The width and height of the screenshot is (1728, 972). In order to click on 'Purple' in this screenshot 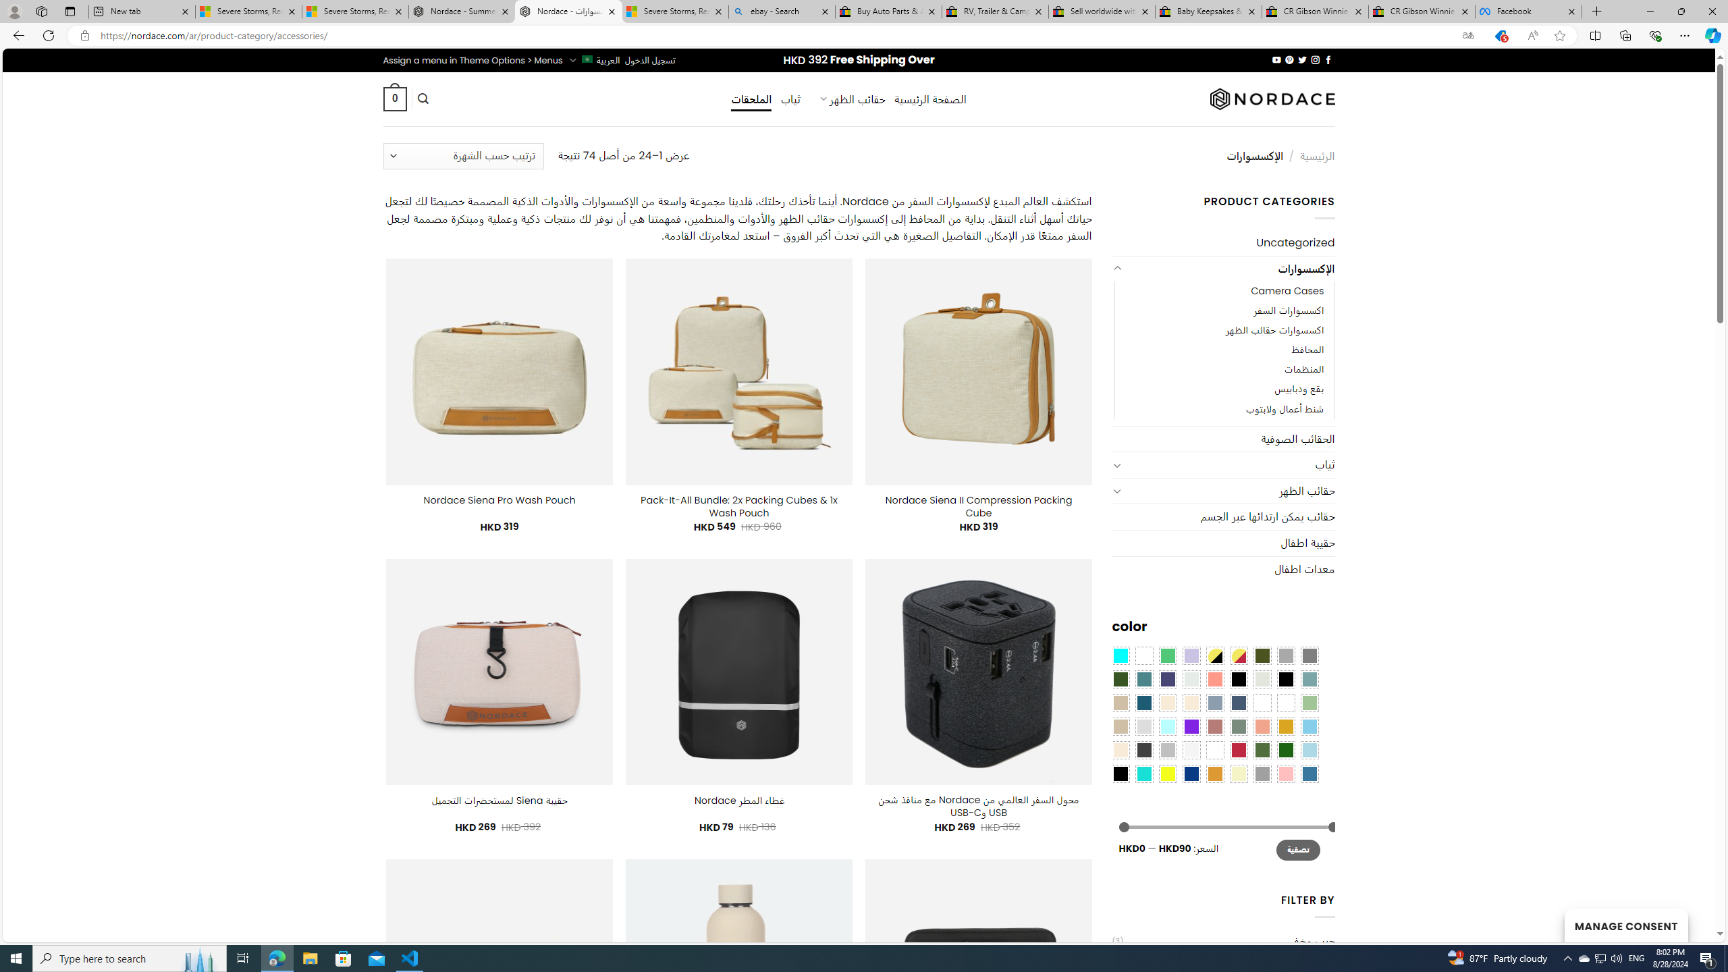, I will do `click(1191, 726)`.